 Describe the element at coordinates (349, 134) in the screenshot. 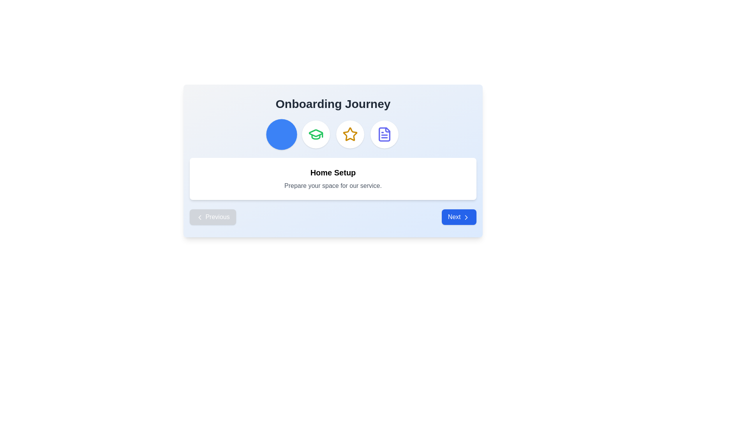

I see `the star icon that indicates ratings and selection, located above the 'Home Setup' title and between the blue circular icon and the purple document icon` at that location.